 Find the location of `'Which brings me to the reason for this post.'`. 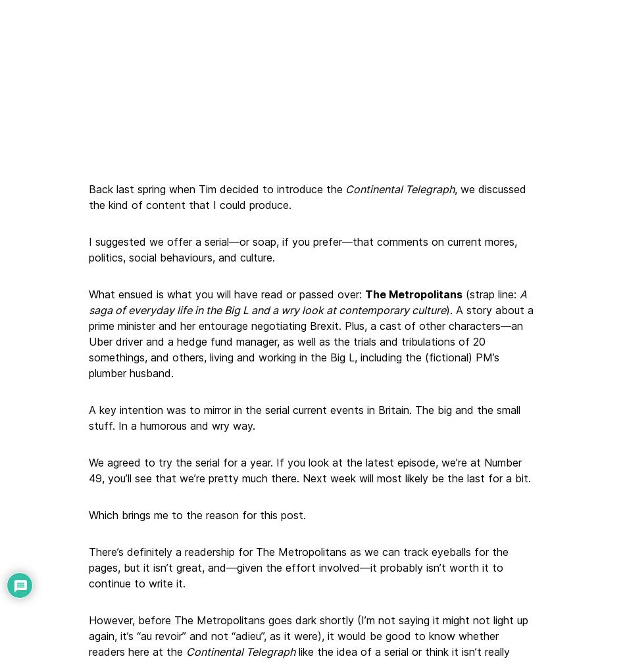

'Which brings me to the reason for this post.' is located at coordinates (197, 514).